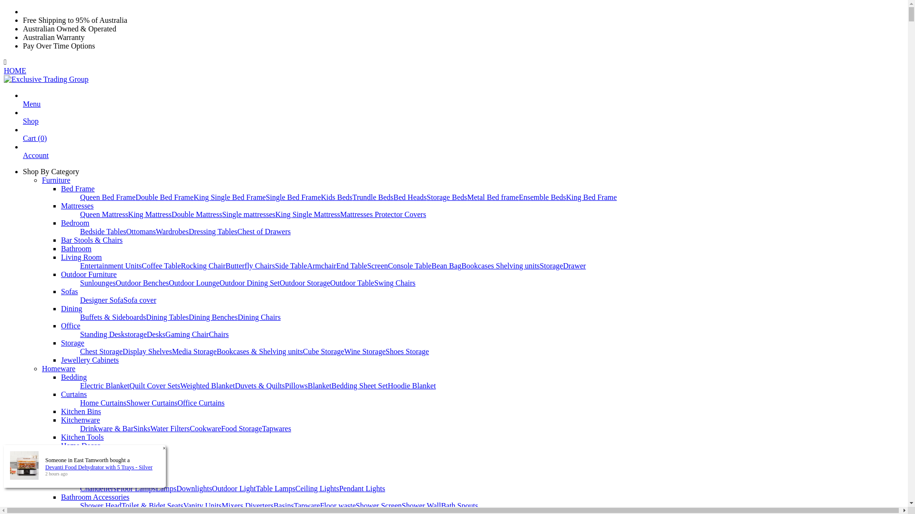 The width and height of the screenshot is (915, 514). What do you see at coordinates (187, 334) in the screenshot?
I see `'Gaming Chair'` at bounding box center [187, 334].